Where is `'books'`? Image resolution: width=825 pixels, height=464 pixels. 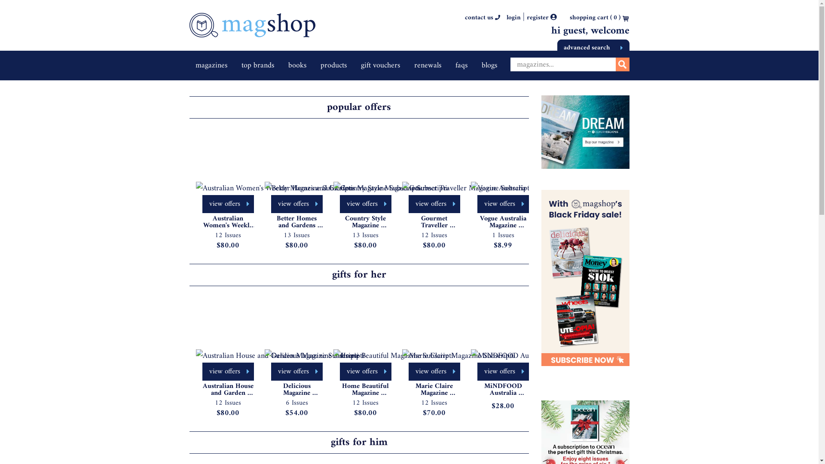 'books' is located at coordinates (297, 65).